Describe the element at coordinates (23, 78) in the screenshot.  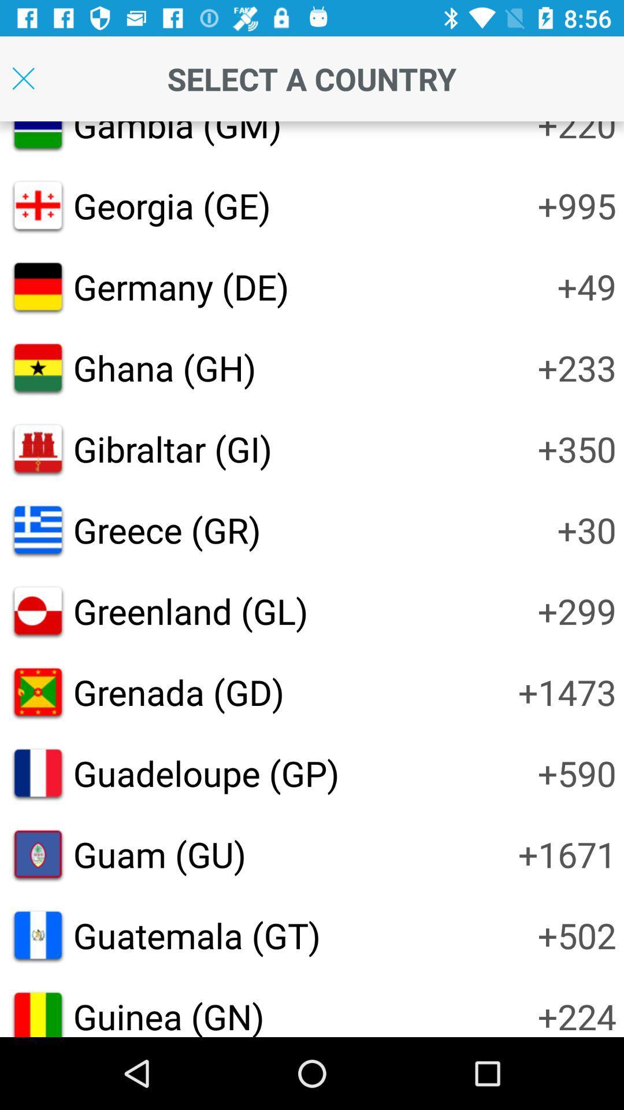
I see `setting` at that location.